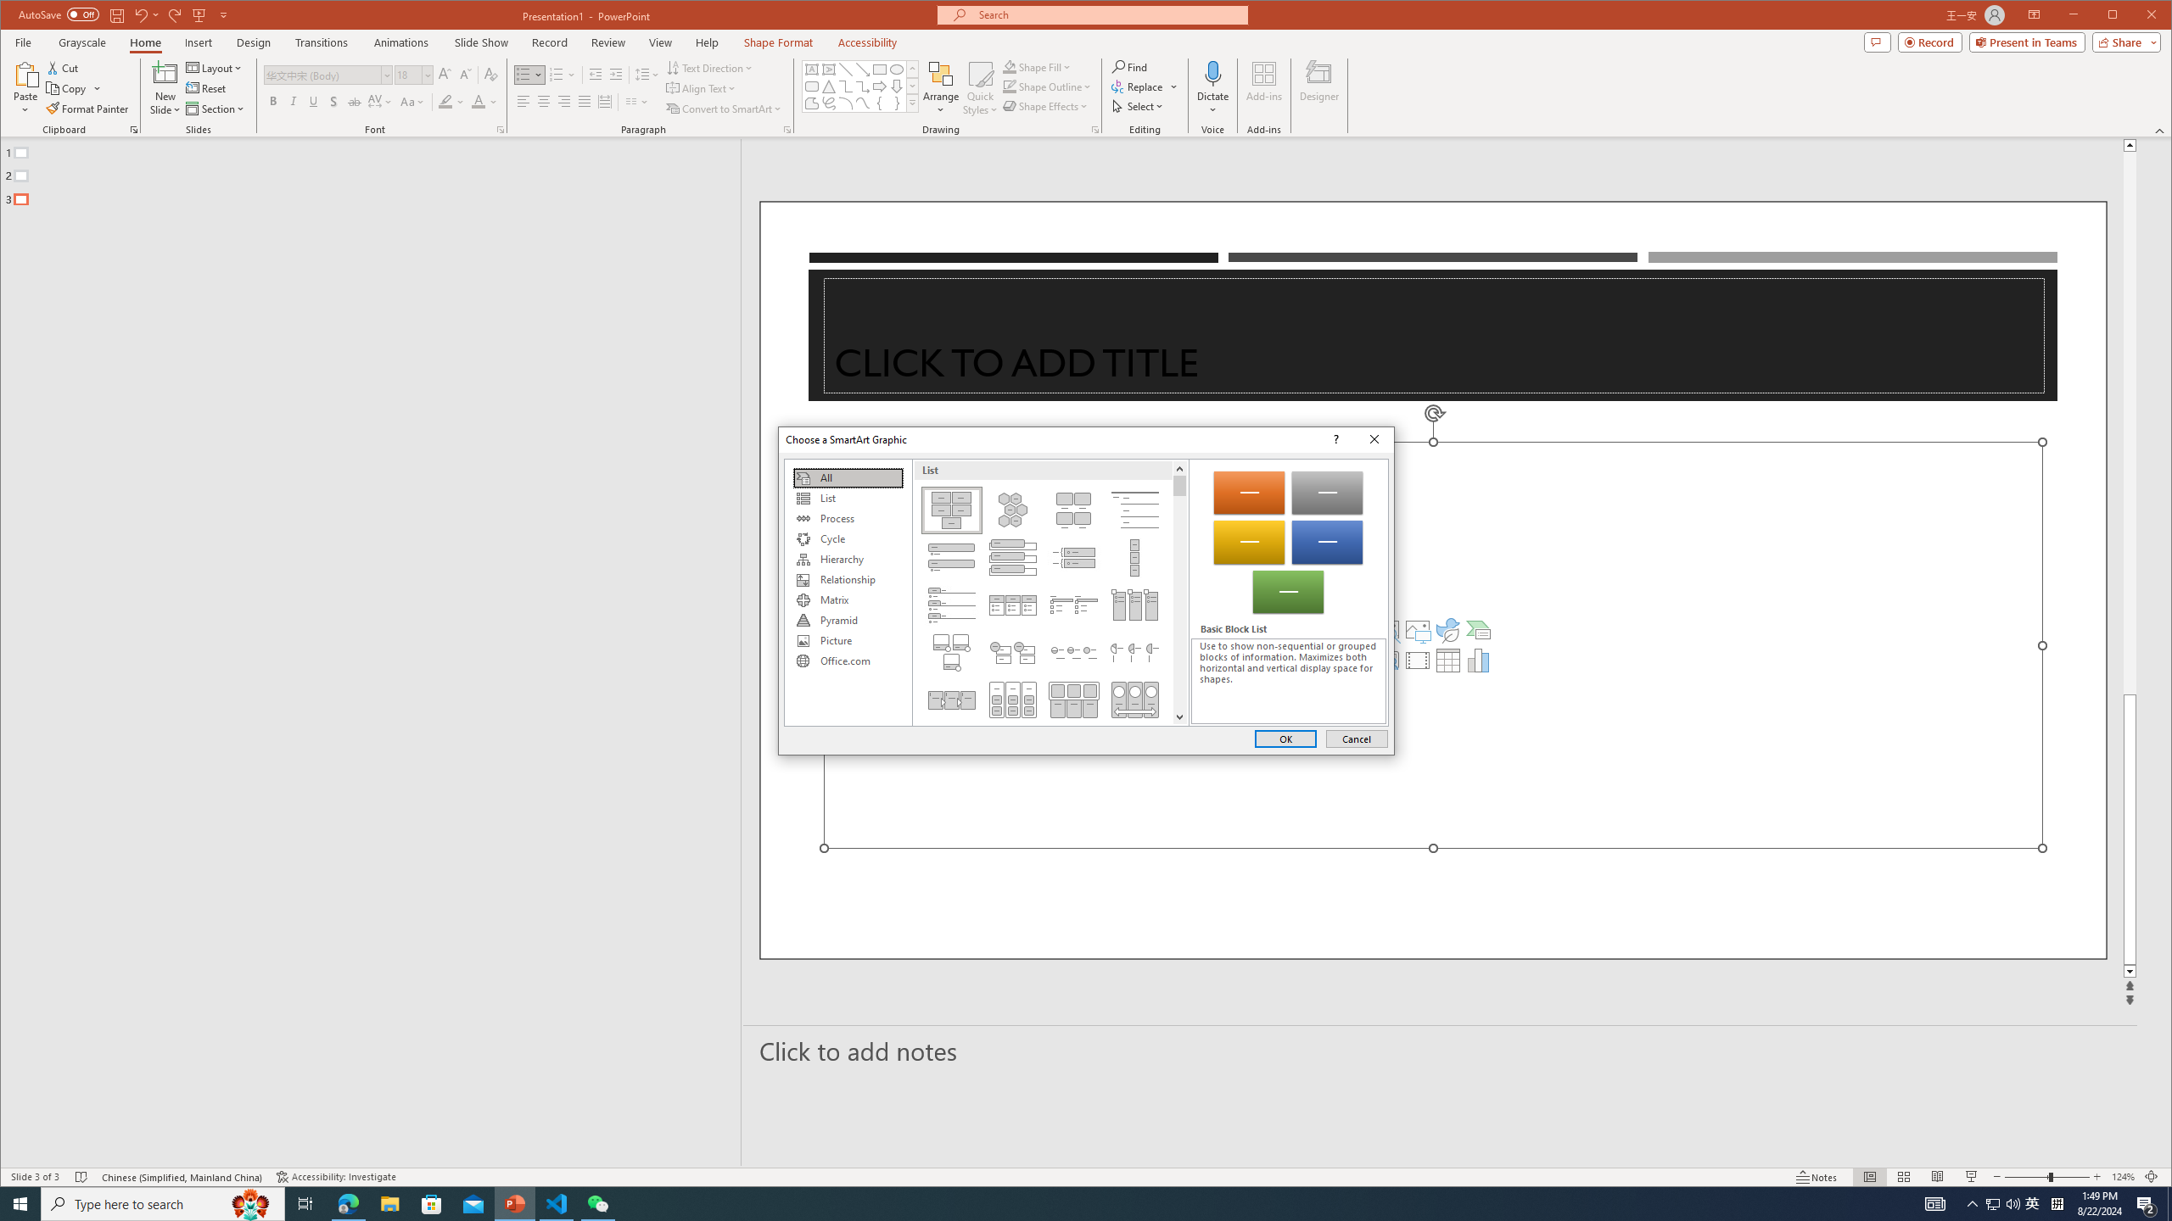 Image resolution: width=2172 pixels, height=1221 pixels. I want to click on 'All', so click(847, 477).